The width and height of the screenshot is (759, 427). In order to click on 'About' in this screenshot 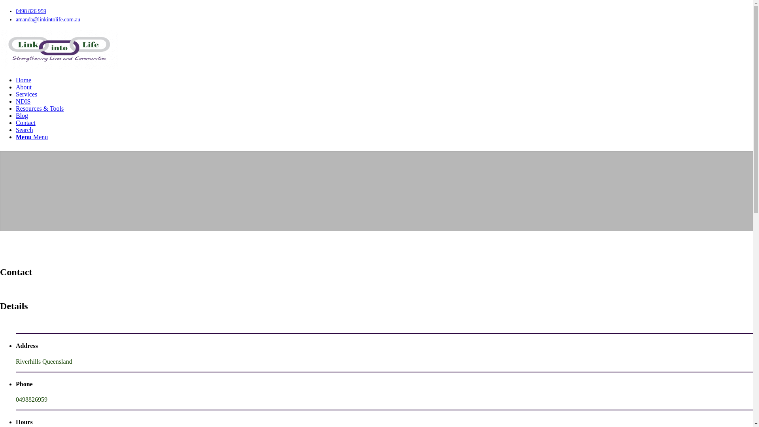, I will do `click(23, 87)`.